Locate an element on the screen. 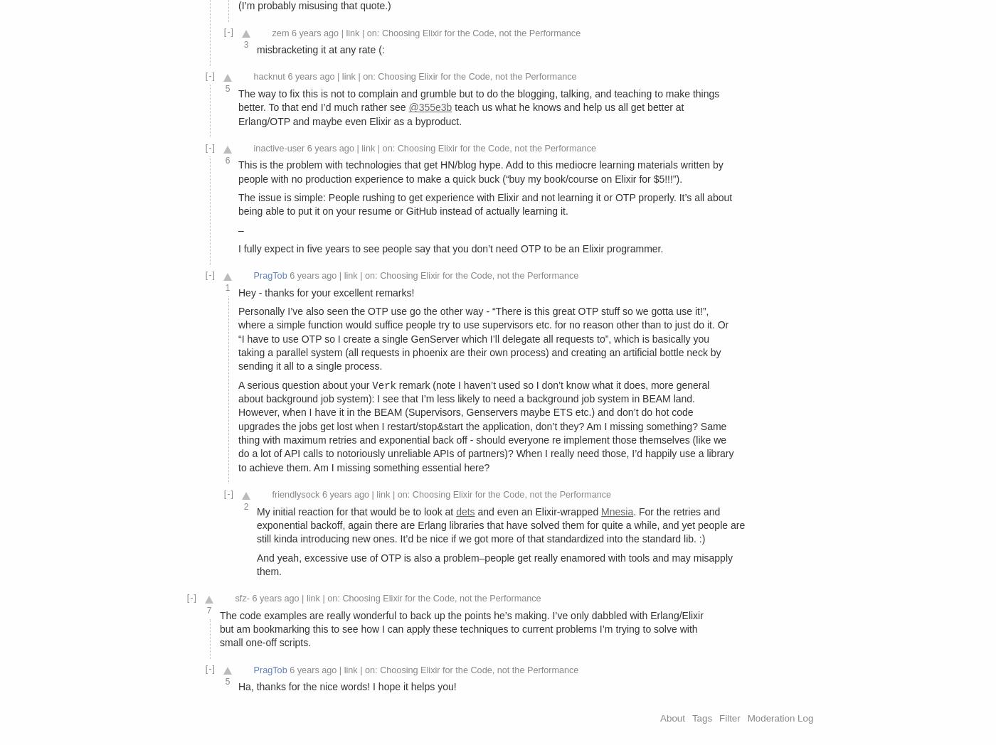  '. For the retries and exponential backoff, again there are Erlang libraries that have solved them for quite a while, and yet people are still kinda introducing new ones. It’d be nice if we got more of that standardized into the standard lib. :)' is located at coordinates (257, 524).